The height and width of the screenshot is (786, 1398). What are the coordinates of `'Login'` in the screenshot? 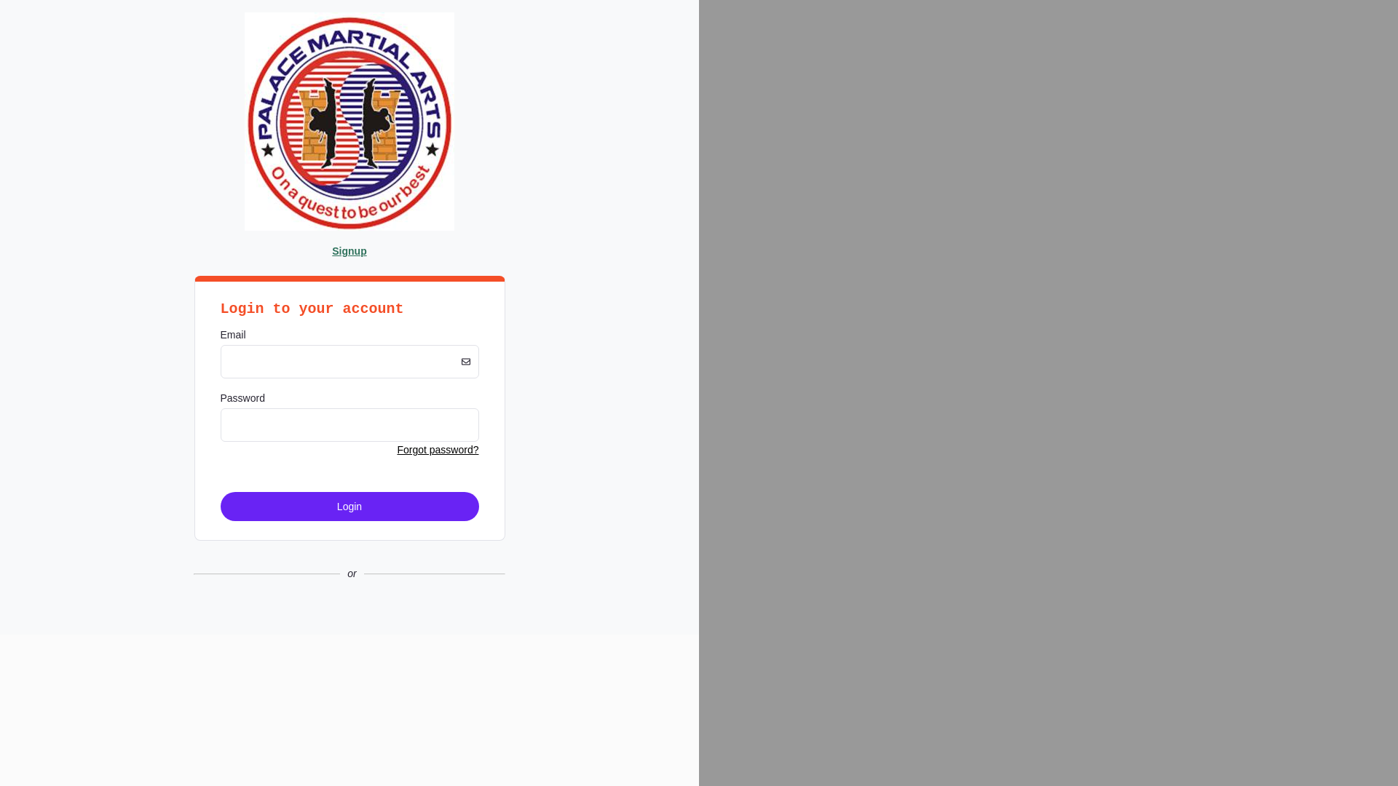 It's located at (348, 505).